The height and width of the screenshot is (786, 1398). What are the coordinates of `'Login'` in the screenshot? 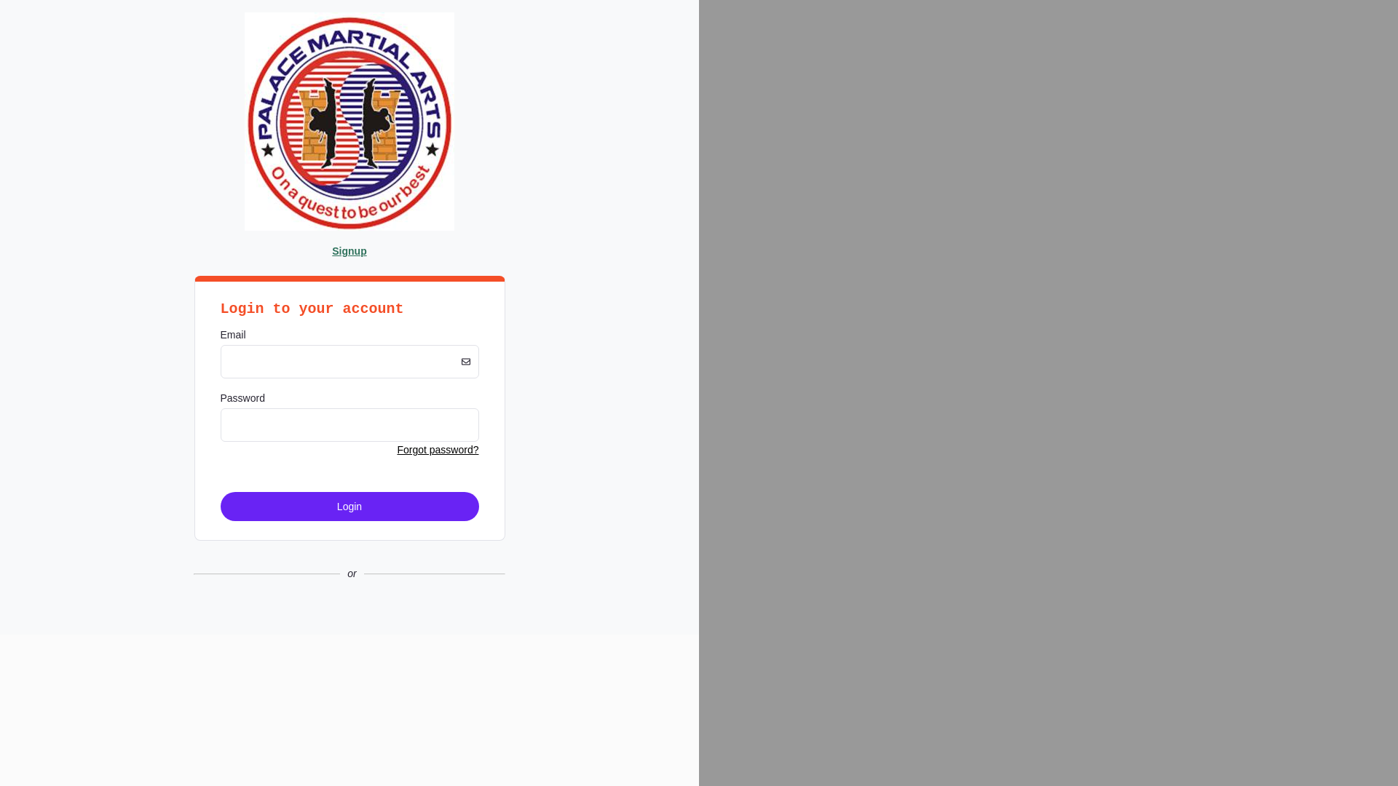 It's located at (348, 505).